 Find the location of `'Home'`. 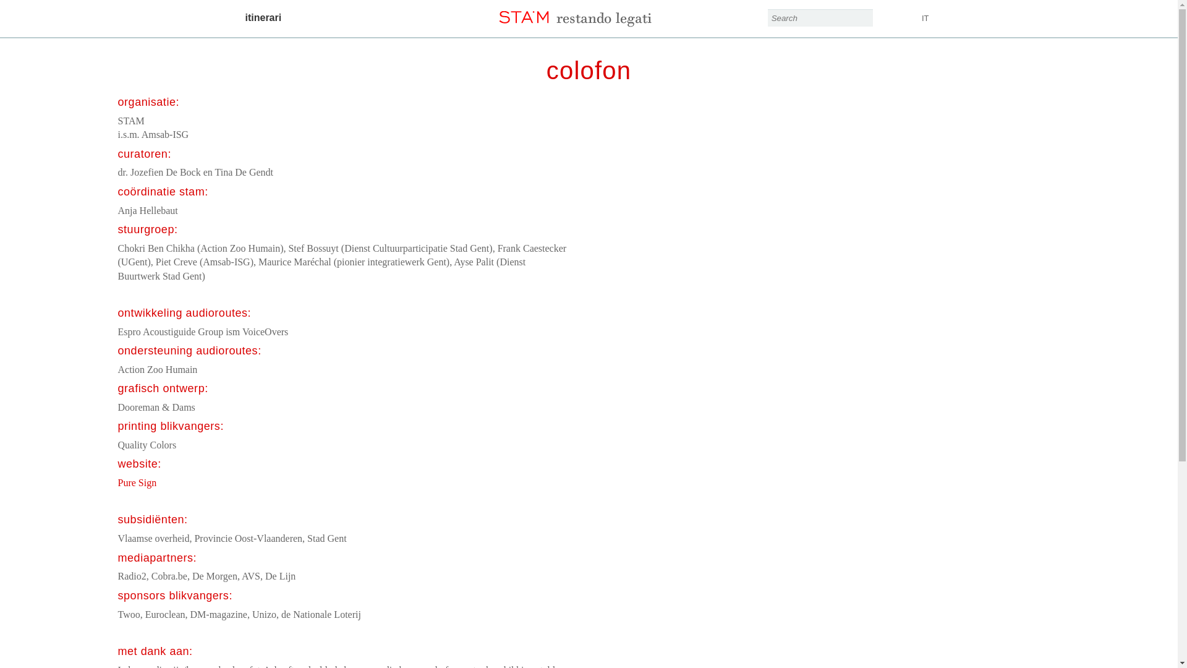

'Home' is located at coordinates (587, 14).